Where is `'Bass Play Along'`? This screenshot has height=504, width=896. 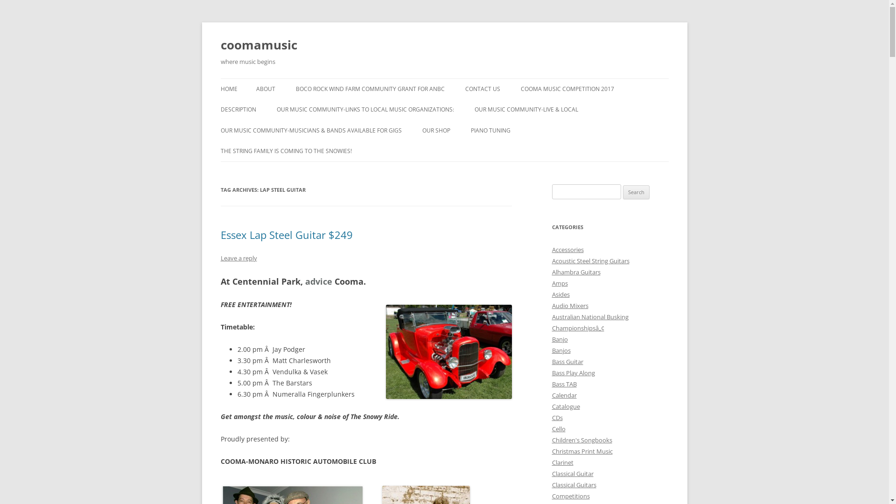
'Bass Play Along' is located at coordinates (573, 372).